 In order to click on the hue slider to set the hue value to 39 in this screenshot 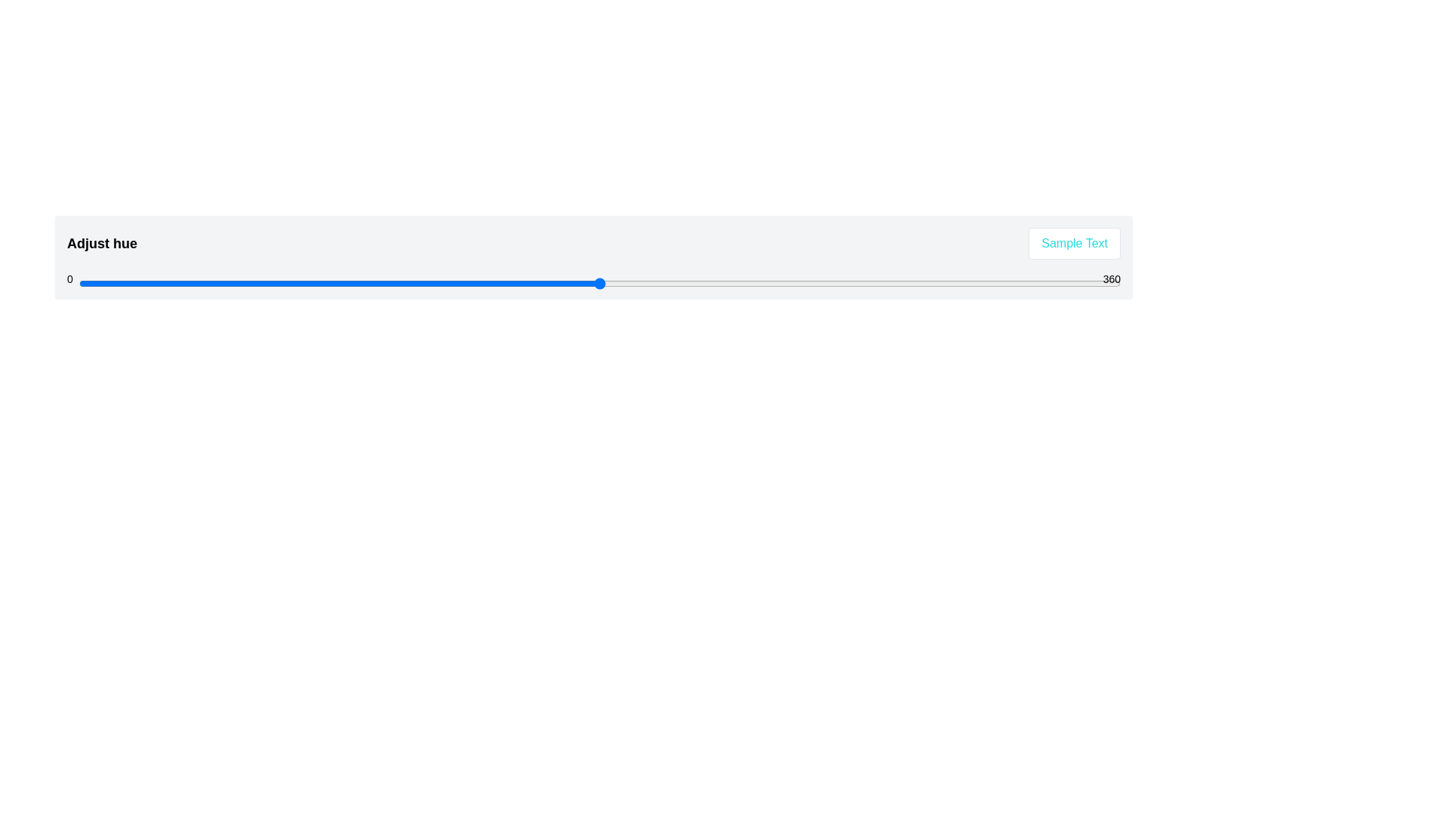, I will do `click(191, 283)`.